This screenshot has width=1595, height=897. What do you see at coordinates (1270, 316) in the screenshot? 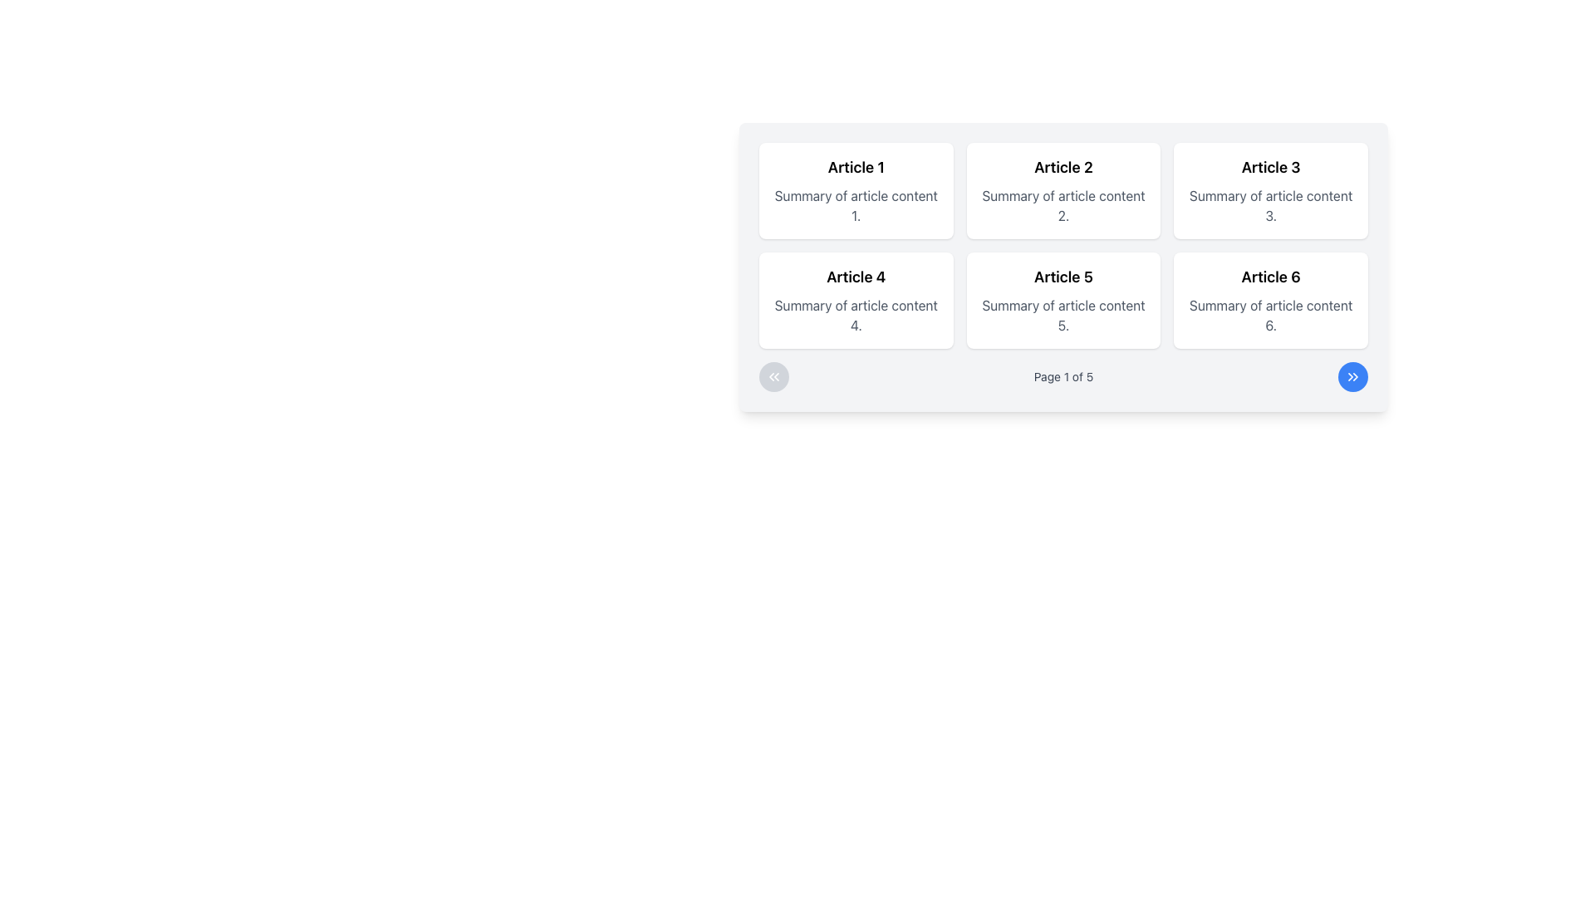
I see `text element that provides a brief summary related to 'Article 6', located beneath the title in the bottom right card of a 2x3 grid` at bounding box center [1270, 316].